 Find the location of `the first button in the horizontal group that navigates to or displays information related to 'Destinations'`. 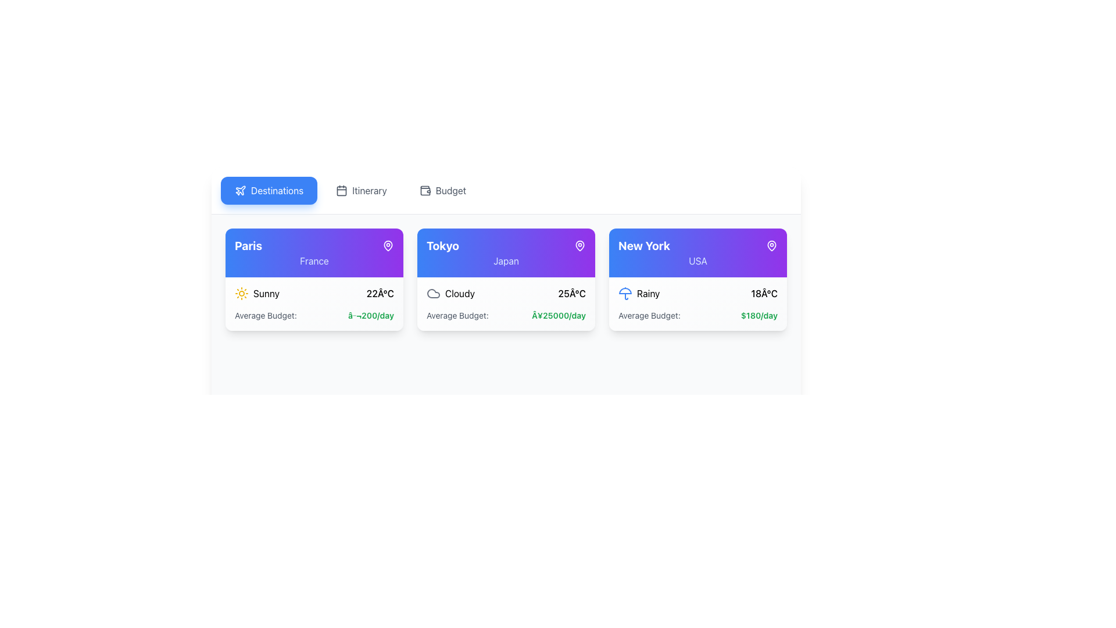

the first button in the horizontal group that navigates to or displays information related to 'Destinations' is located at coordinates (269, 190).